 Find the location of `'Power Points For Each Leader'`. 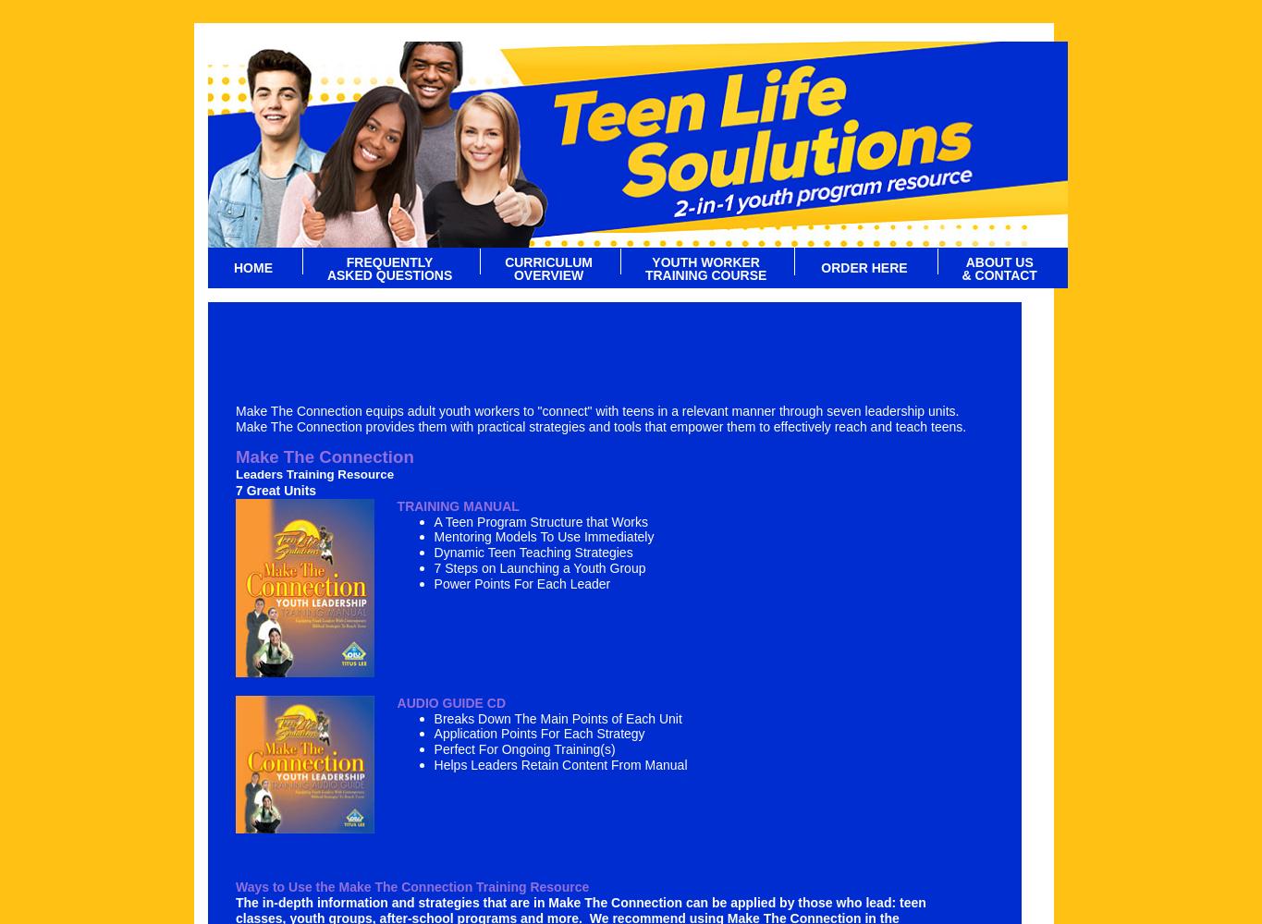

'Power Points For Each Leader' is located at coordinates (521, 583).